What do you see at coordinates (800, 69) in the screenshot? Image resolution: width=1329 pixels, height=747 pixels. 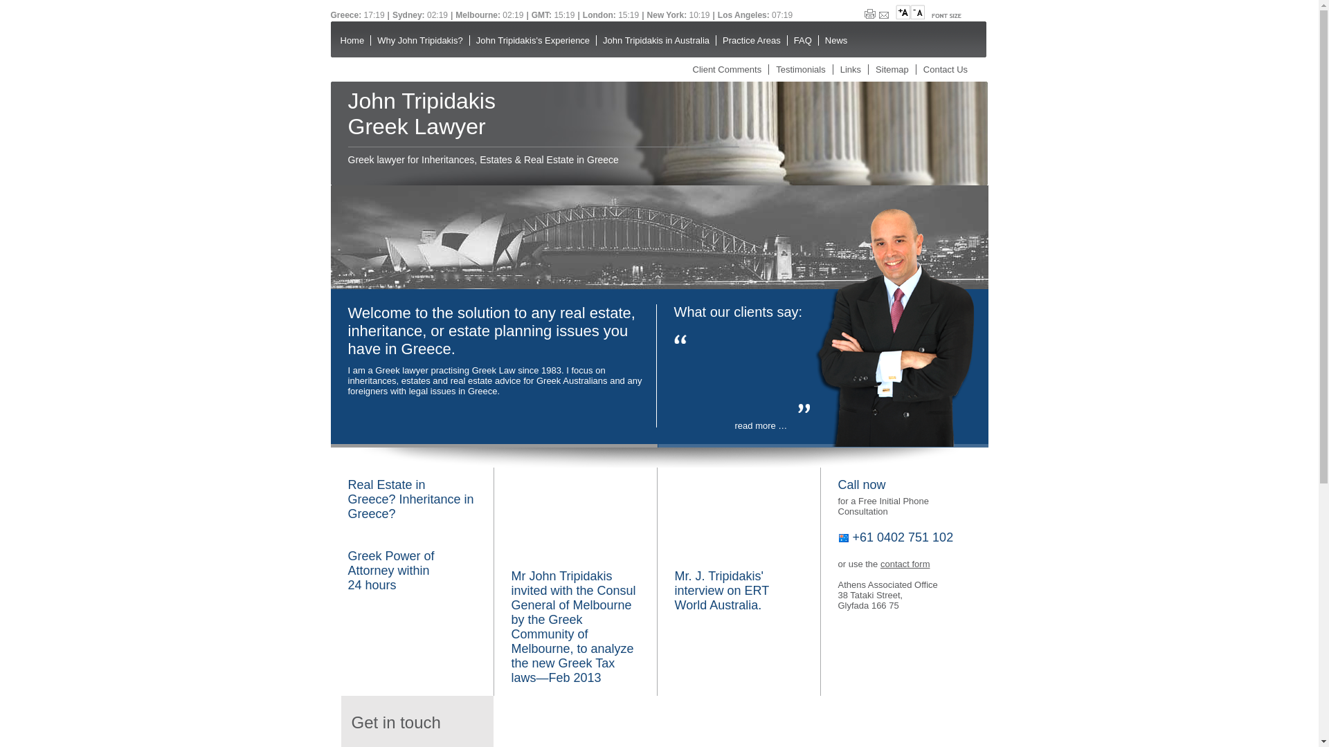 I see `'Testimonials'` at bounding box center [800, 69].